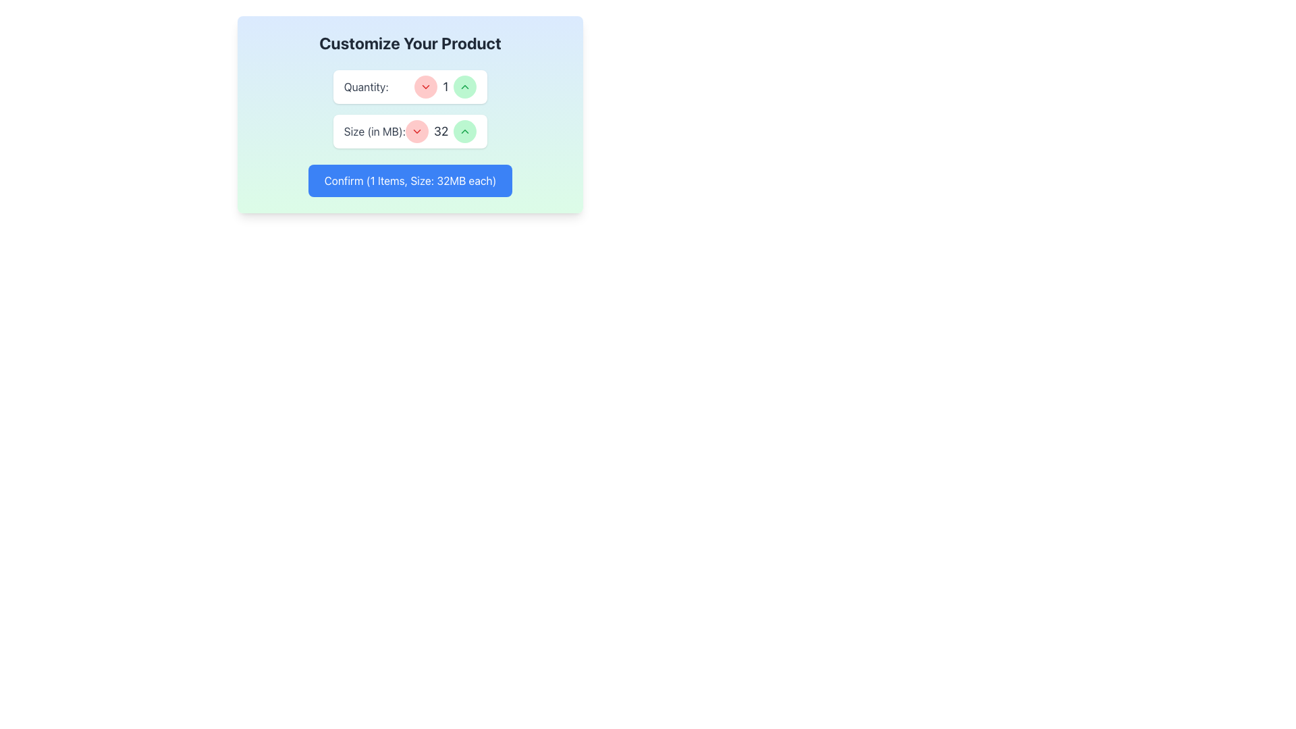 The width and height of the screenshot is (1296, 729). Describe the element at coordinates (446, 86) in the screenshot. I see `displayed quantity value from the Static Text Display located centrally between the circular red button on the left and the green button on the right within the 'Quantity' adjustment section` at that location.